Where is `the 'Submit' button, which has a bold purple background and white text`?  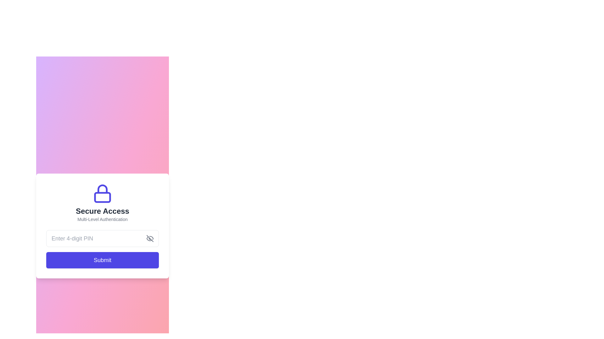
the 'Submit' button, which has a bold purple background and white text is located at coordinates (103, 260).